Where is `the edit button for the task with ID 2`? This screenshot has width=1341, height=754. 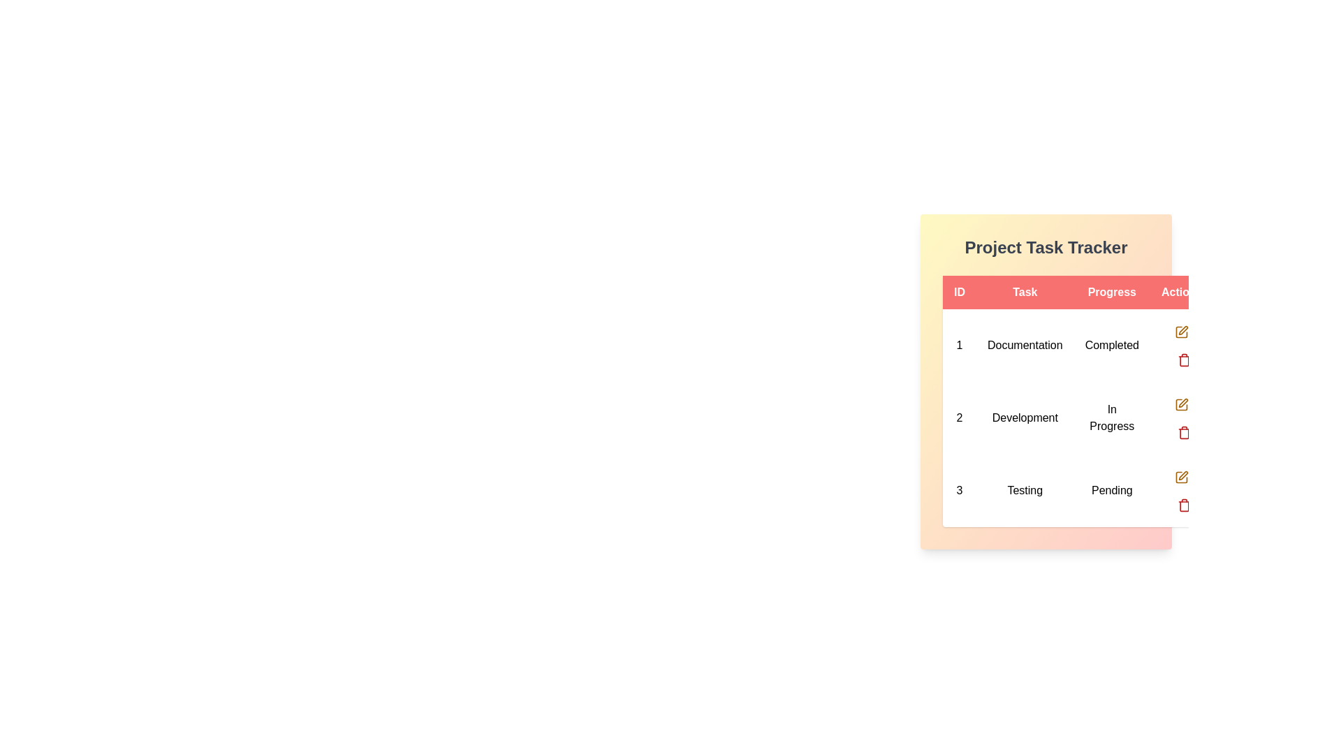
the edit button for the task with ID 2 is located at coordinates (1181, 404).